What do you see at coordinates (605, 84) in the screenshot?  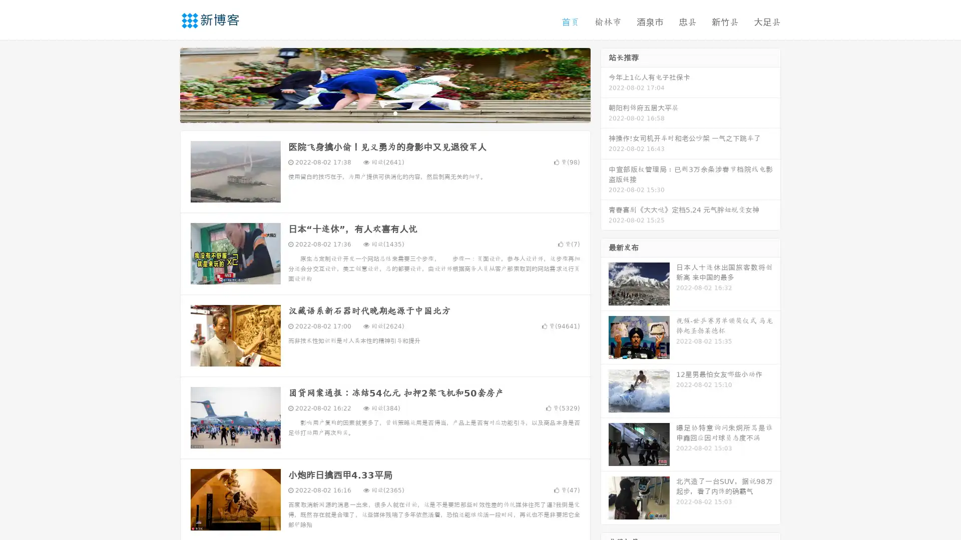 I see `Next slide` at bounding box center [605, 84].